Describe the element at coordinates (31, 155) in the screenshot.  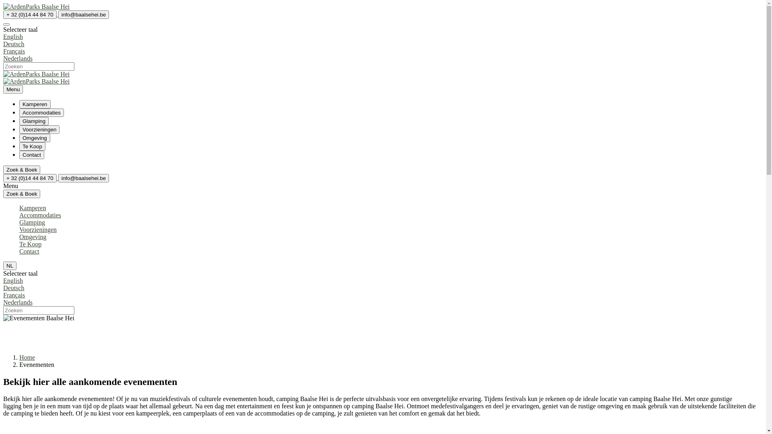
I see `'Contact'` at that location.